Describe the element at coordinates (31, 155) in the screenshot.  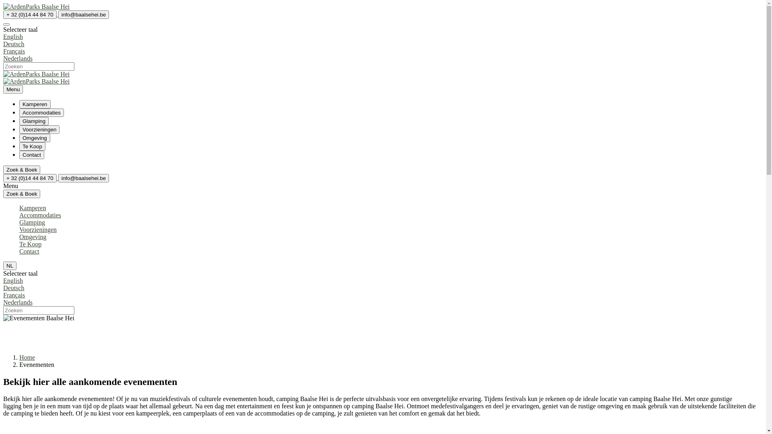
I see `'Contact'` at that location.